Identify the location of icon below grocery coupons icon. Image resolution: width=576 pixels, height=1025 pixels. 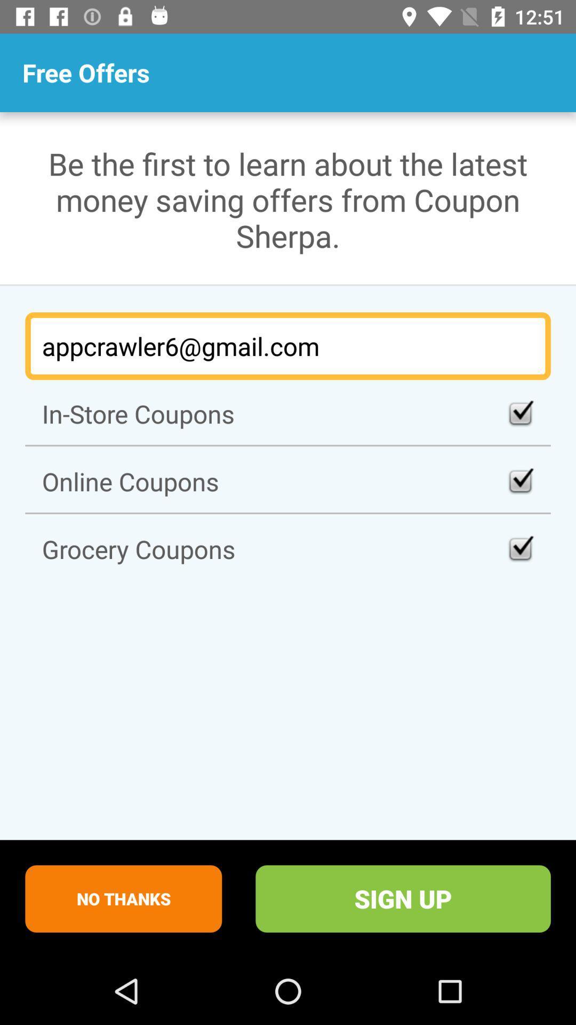
(123, 898).